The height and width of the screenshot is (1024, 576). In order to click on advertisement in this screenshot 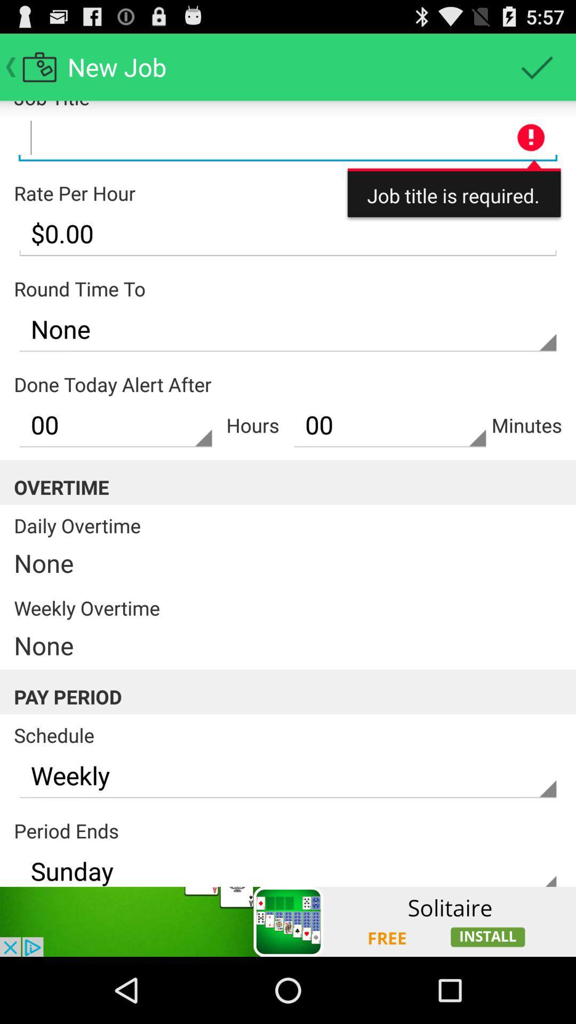, I will do `click(288, 138)`.